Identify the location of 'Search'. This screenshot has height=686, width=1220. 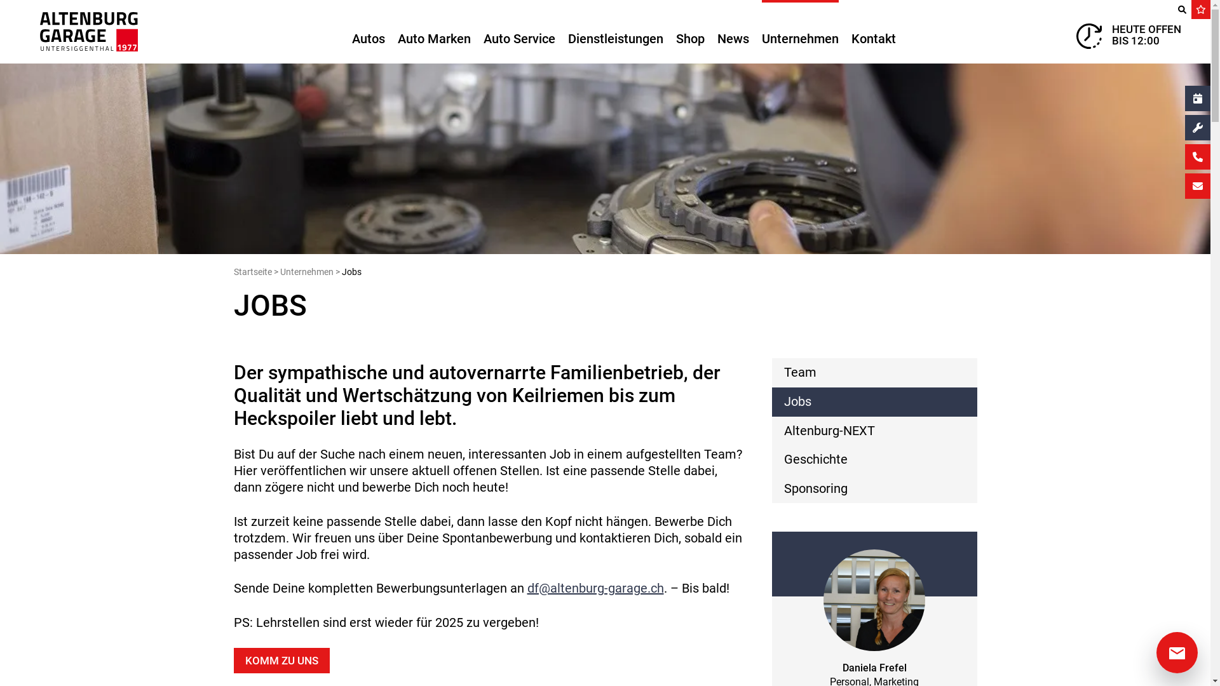
(1171, 10).